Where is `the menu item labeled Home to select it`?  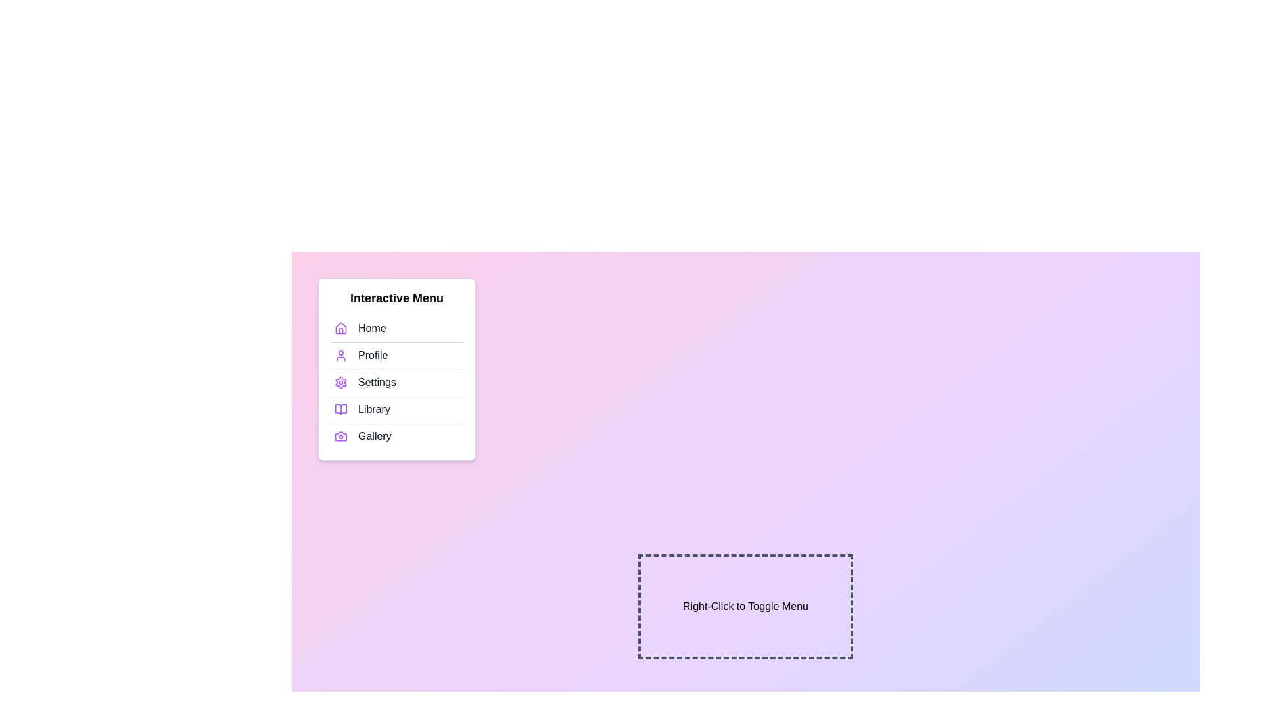 the menu item labeled Home to select it is located at coordinates (396, 328).